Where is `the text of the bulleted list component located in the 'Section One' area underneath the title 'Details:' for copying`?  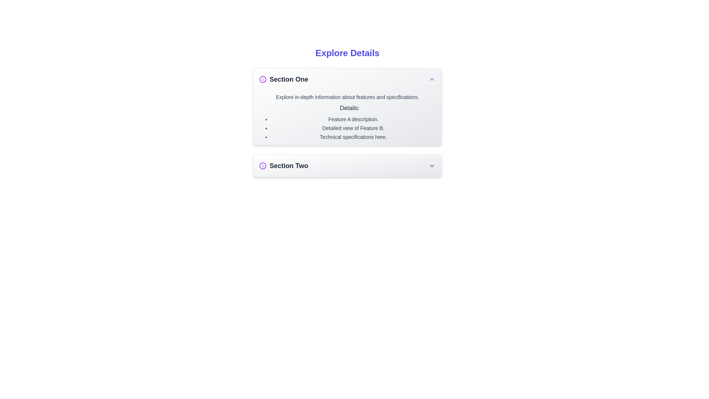
the text of the bulleted list component located in the 'Section One' area underneath the title 'Details:' for copying is located at coordinates (353, 127).